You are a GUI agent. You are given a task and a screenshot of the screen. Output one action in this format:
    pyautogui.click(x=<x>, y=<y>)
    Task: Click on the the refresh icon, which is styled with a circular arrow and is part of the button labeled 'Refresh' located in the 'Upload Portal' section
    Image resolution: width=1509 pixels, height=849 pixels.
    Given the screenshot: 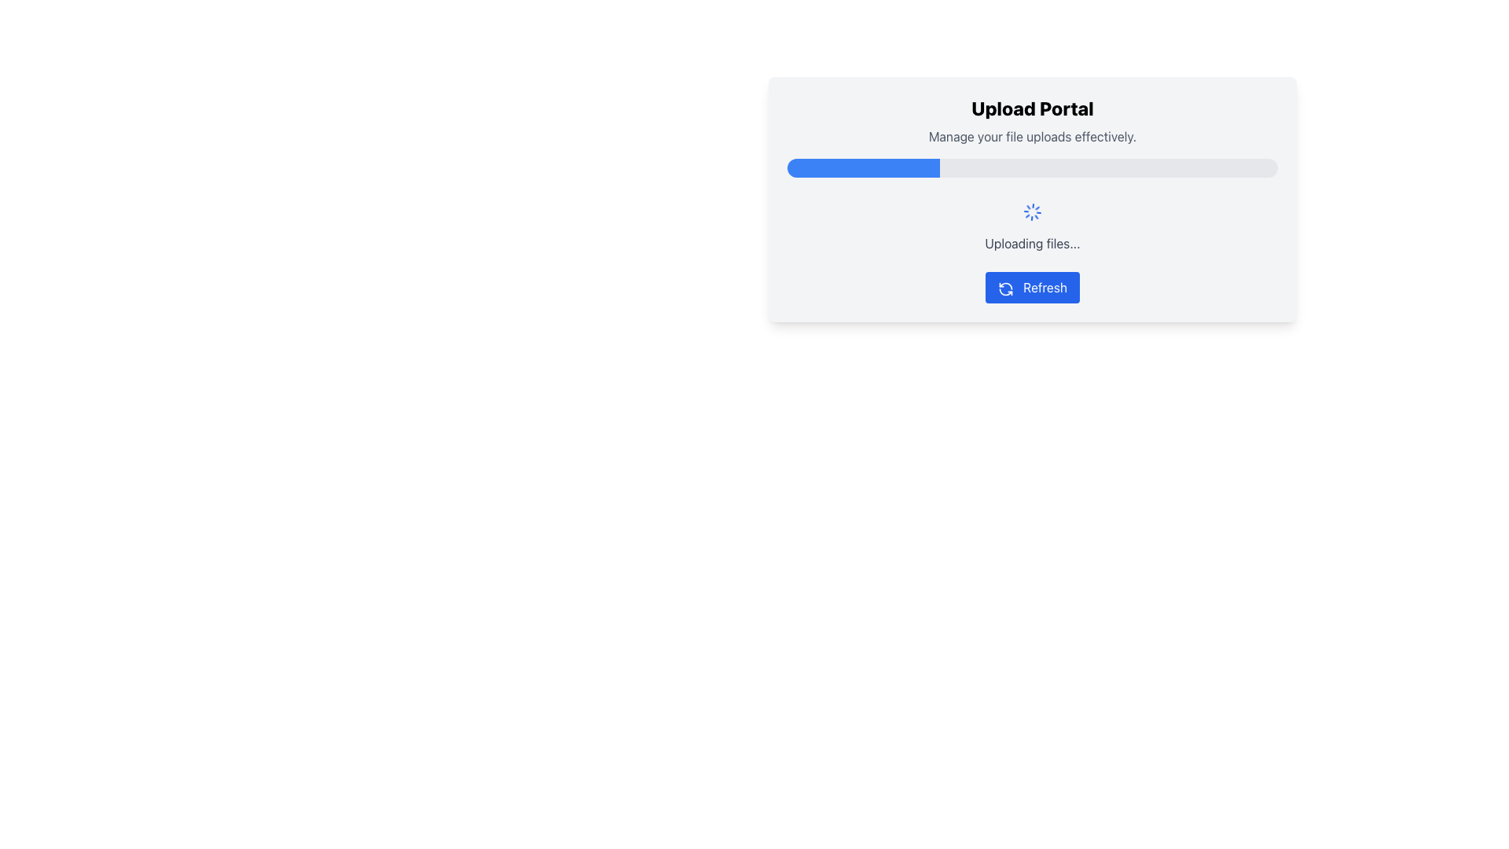 What is the action you would take?
    pyautogui.click(x=1006, y=288)
    